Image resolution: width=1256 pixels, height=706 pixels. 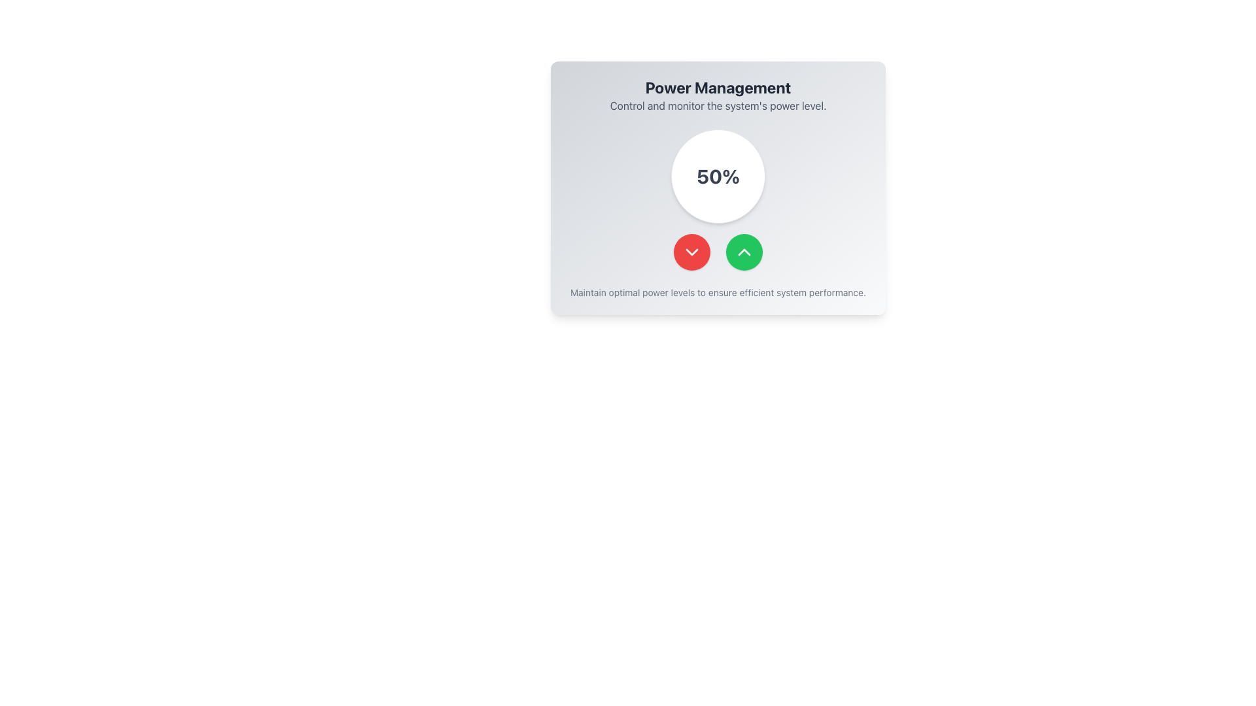 What do you see at coordinates (718, 176) in the screenshot?
I see `the circular informational display element that shows '50%' in bold, black font, positioned at the top of the column layout` at bounding box center [718, 176].